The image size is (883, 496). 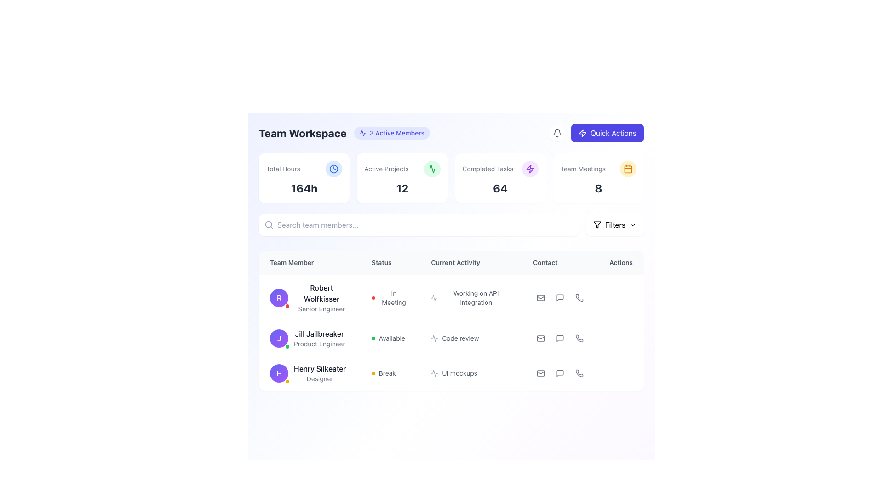 What do you see at coordinates (321, 298) in the screenshot?
I see `the text label displaying 'Robert Wolfkisser' and 'Senior Engineer' in the 'Team Member' column, positioned next to a purple circular avatar` at bounding box center [321, 298].